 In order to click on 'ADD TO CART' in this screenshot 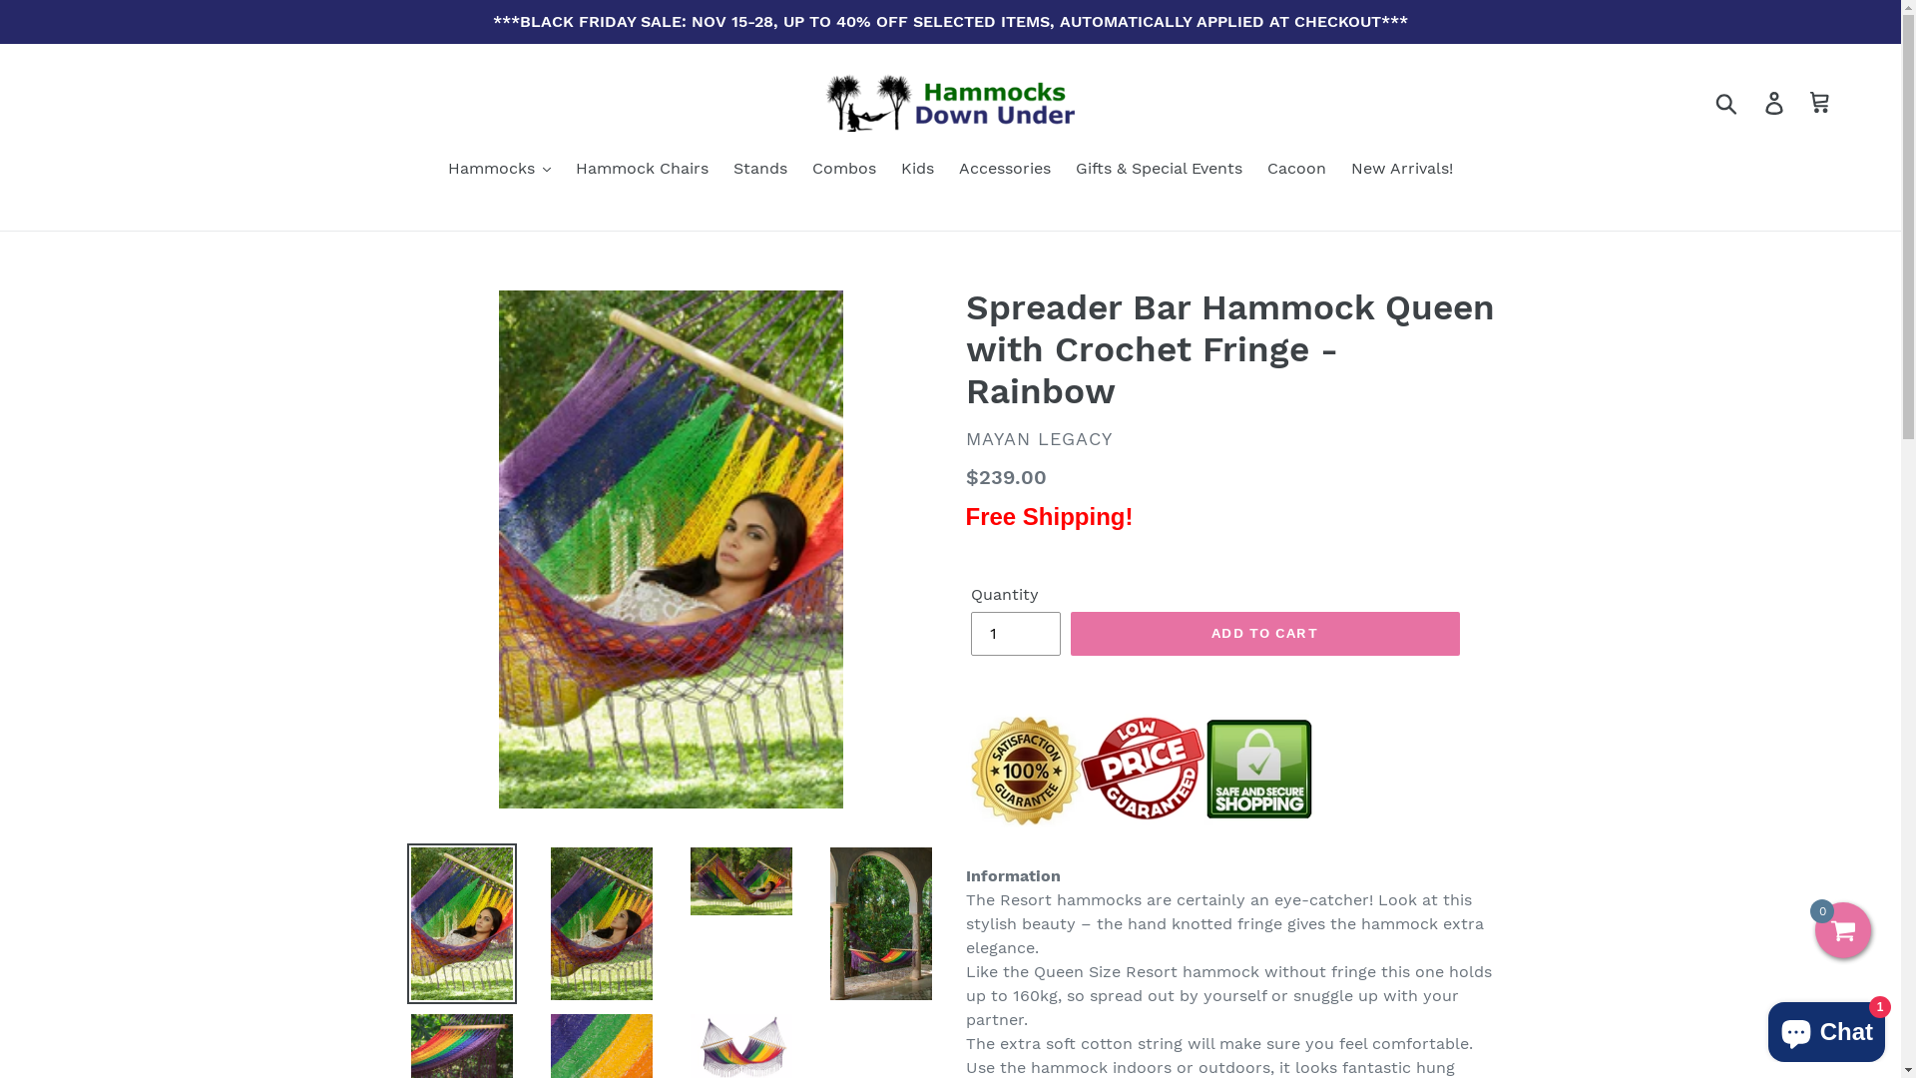, I will do `click(1263, 634)`.